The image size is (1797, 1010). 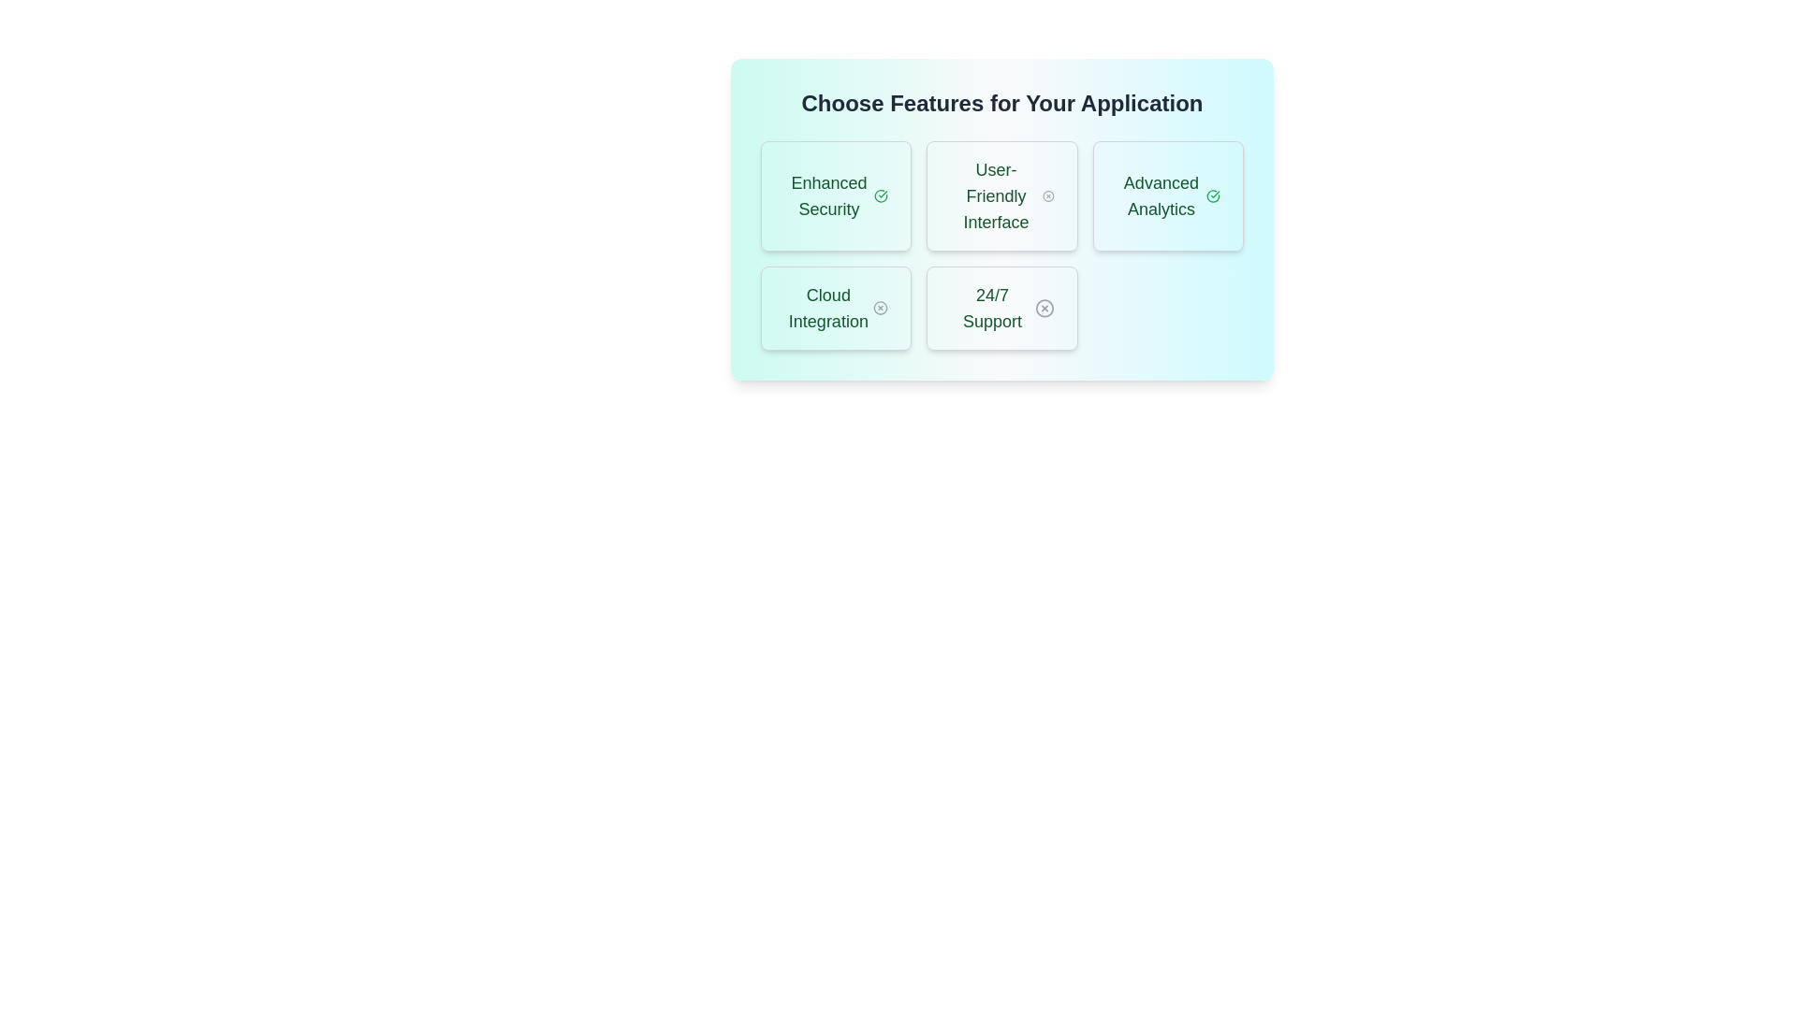 I want to click on the feature 24/7 Support to trigger additional visual feedback, so click(x=1001, y=308).